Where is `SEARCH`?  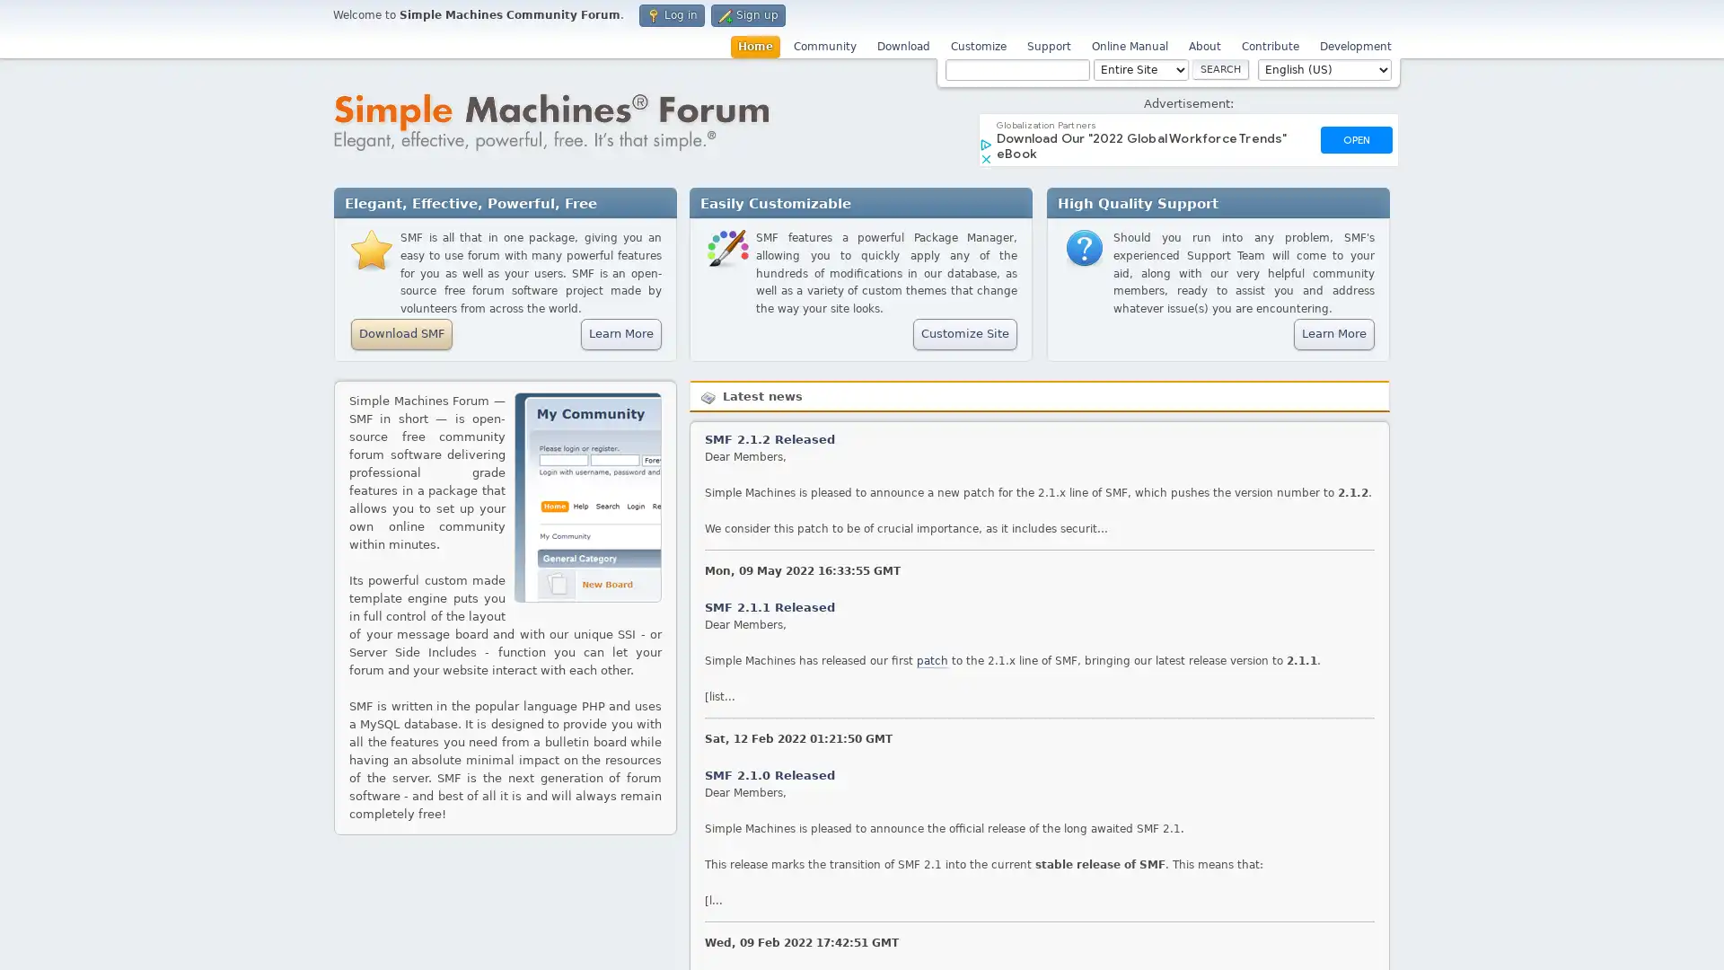 SEARCH is located at coordinates (1220, 68).